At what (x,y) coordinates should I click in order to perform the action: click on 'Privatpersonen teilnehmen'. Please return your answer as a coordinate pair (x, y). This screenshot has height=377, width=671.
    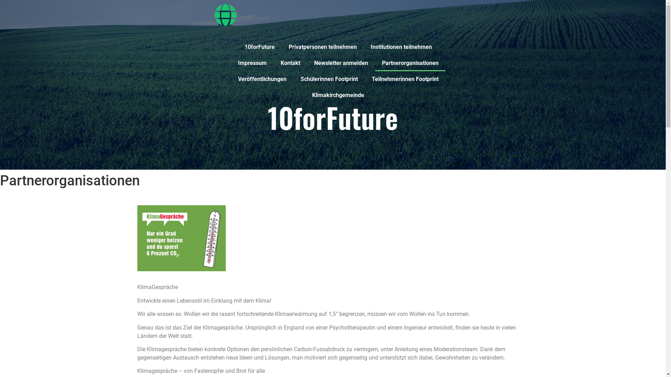
    Looking at the image, I should click on (322, 47).